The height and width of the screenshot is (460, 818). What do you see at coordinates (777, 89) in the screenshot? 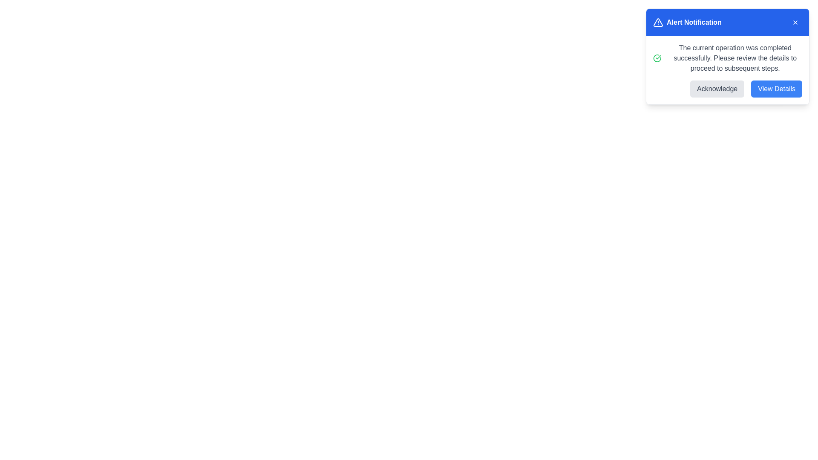
I see `the button located at the bottom right of the notification card` at bounding box center [777, 89].